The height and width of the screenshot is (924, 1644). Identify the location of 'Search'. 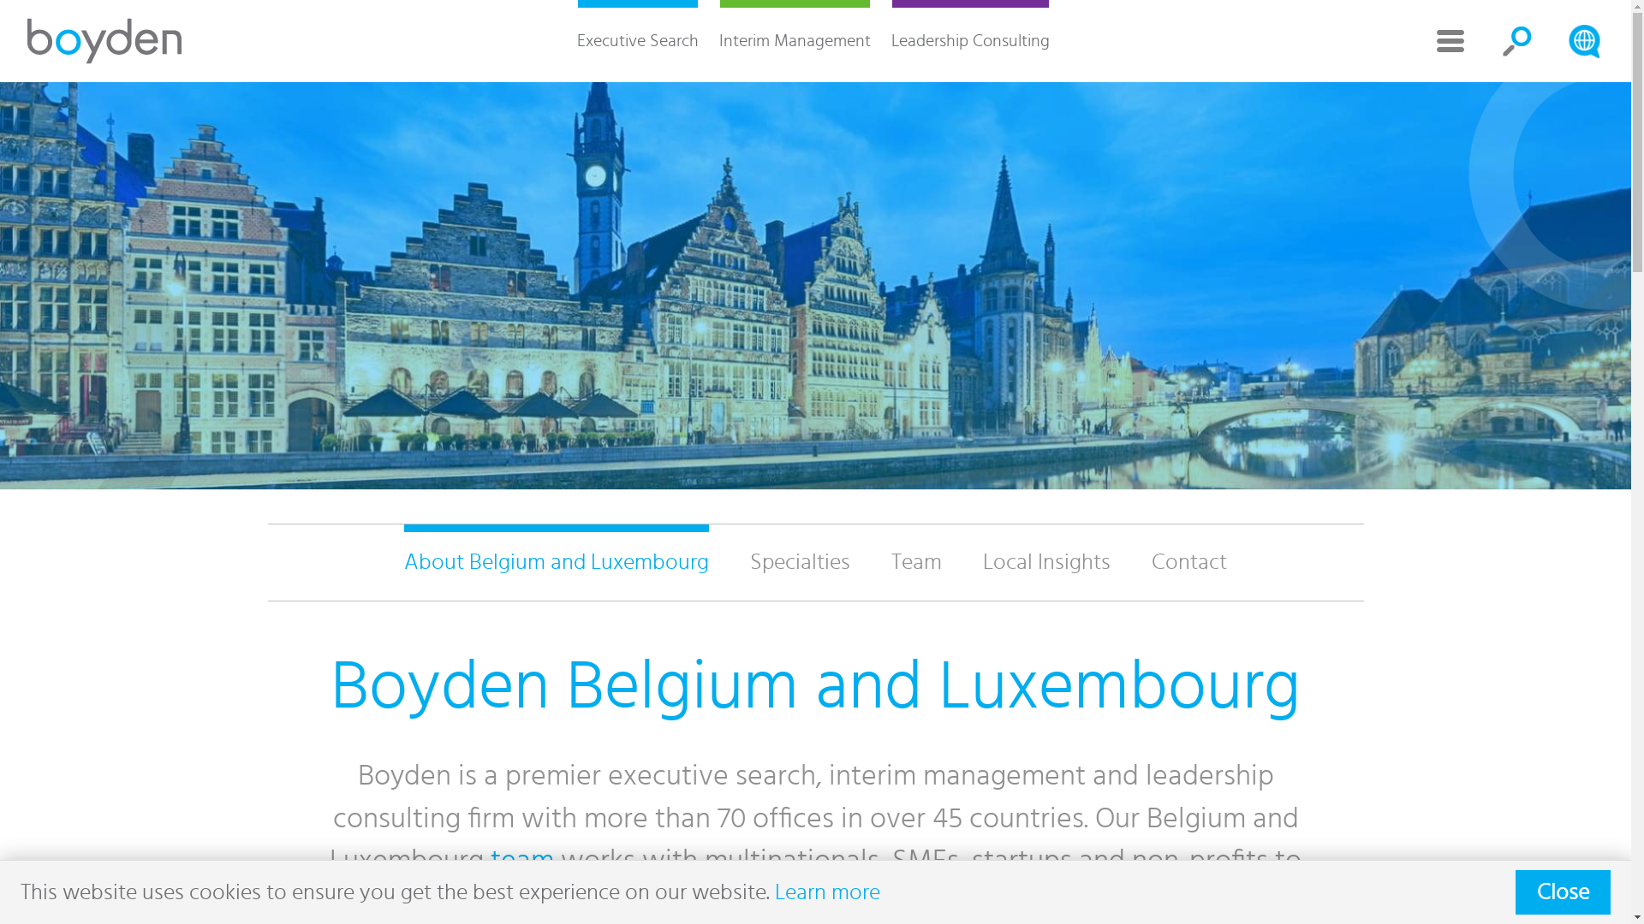
(1516, 39).